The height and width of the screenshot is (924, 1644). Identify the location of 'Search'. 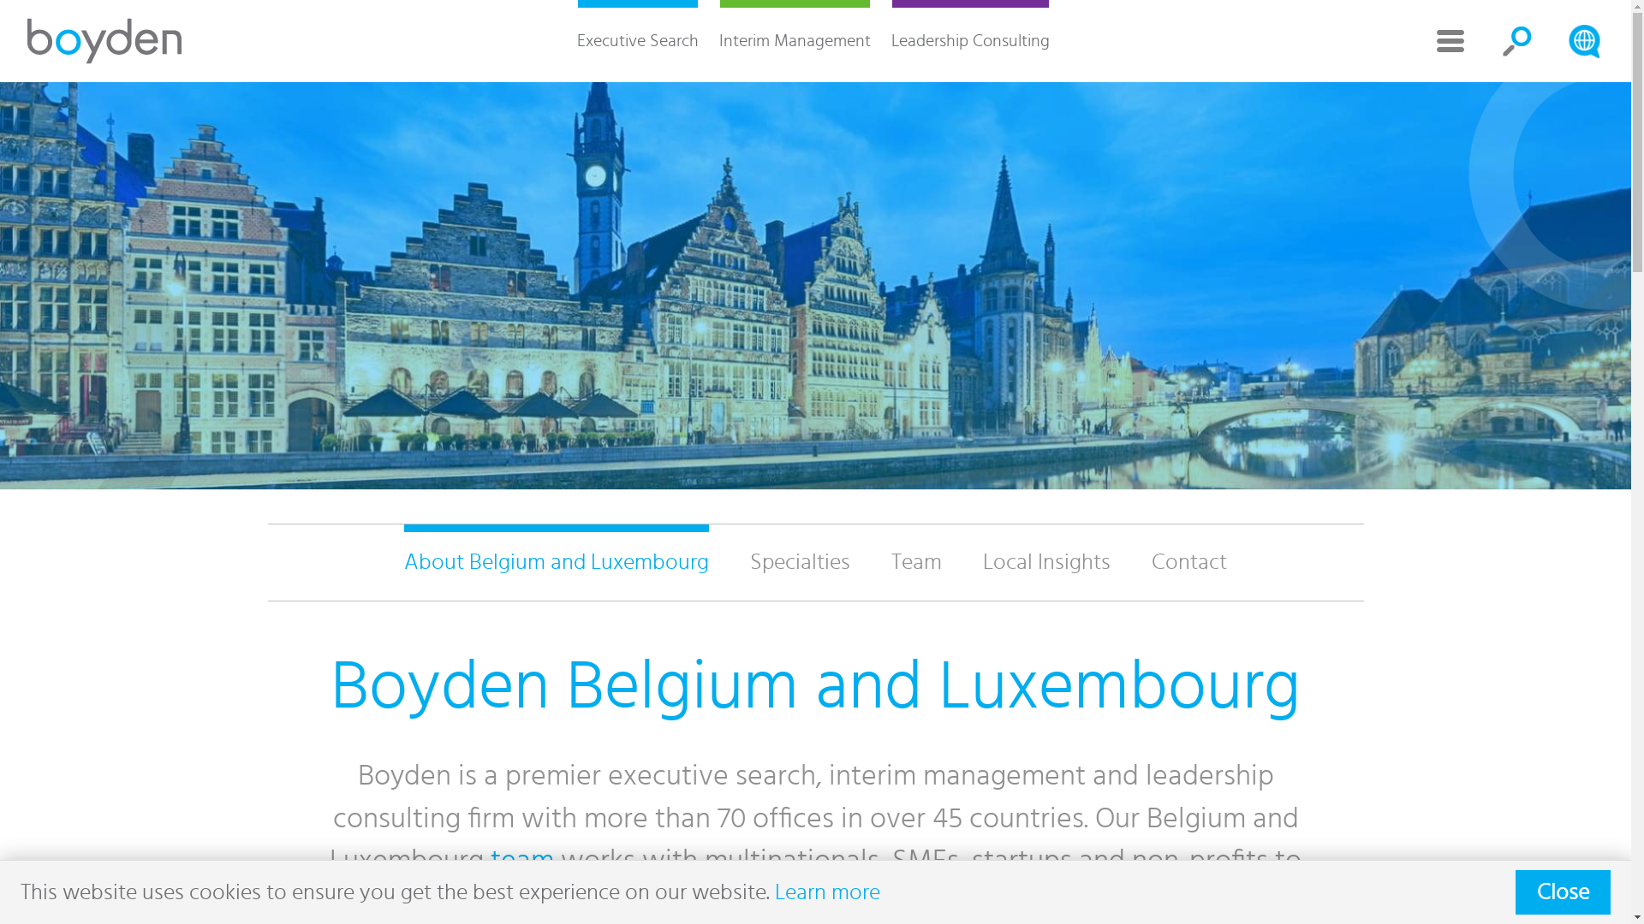
(1516, 39).